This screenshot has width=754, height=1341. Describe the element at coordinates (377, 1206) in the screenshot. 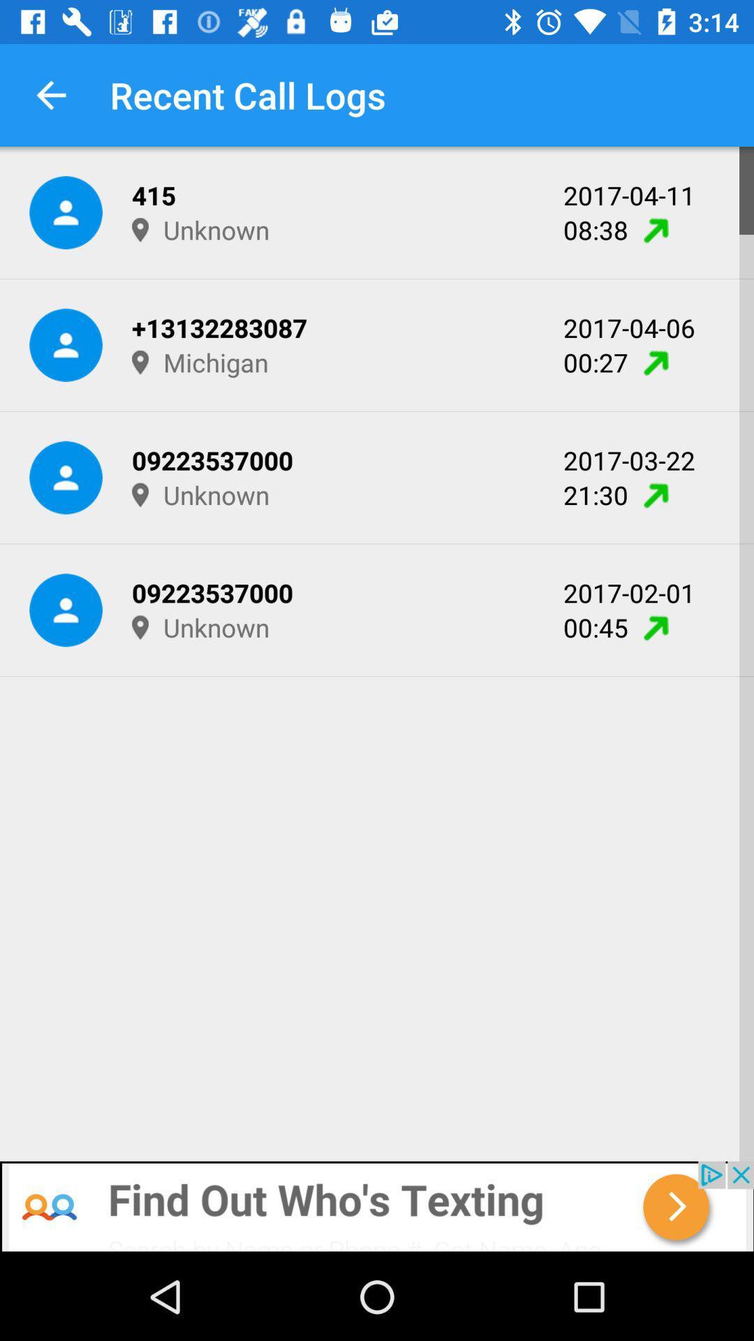

I see `advertisement` at that location.